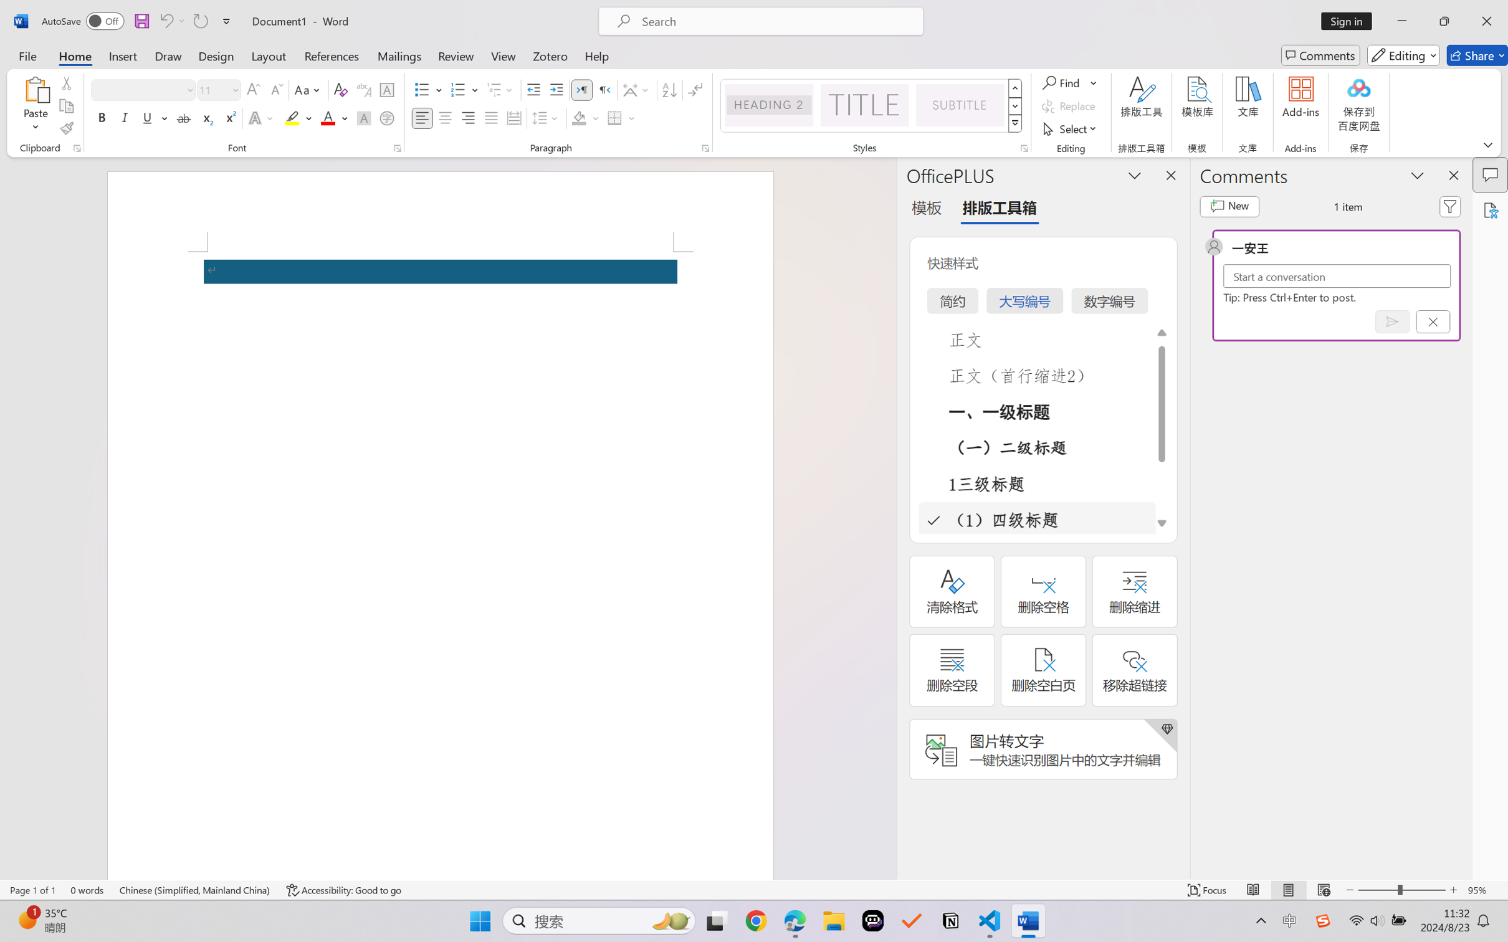 The height and width of the screenshot is (942, 1508). What do you see at coordinates (199, 21) in the screenshot?
I see `'Repeat Accessibility Checker'` at bounding box center [199, 21].